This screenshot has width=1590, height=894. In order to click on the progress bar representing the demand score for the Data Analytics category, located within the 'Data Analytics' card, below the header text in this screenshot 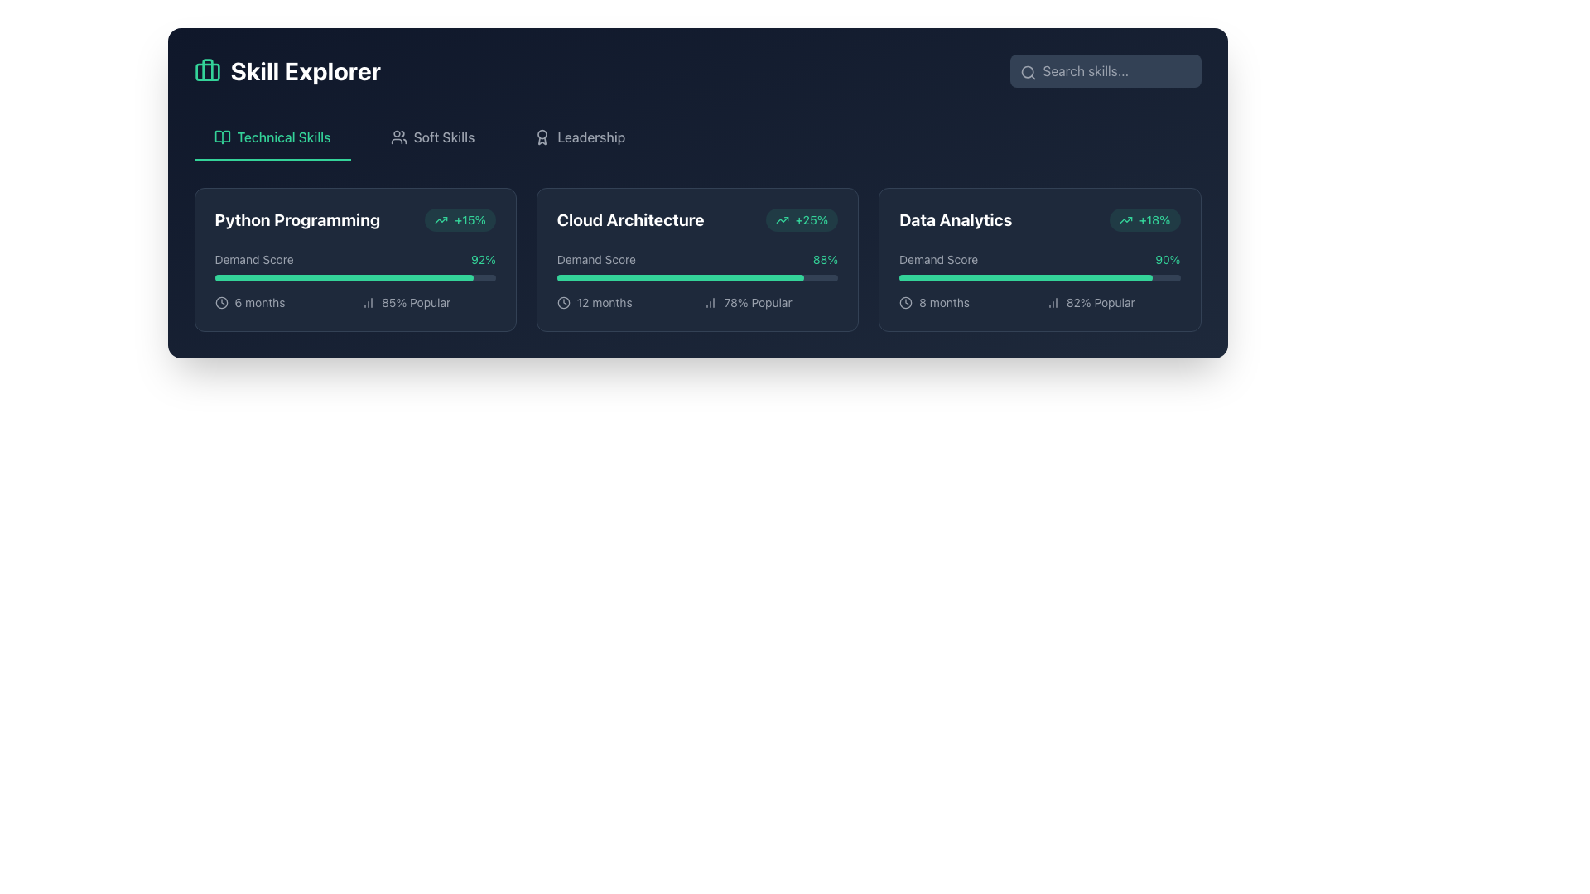, I will do `click(1038, 265)`.